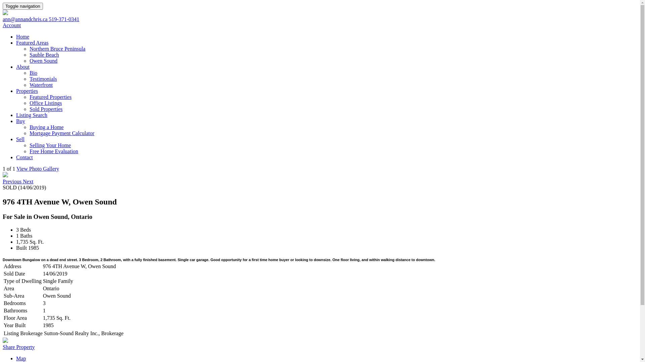 The height and width of the screenshot is (362, 645). Describe the element at coordinates (16, 121) in the screenshot. I see `'Buy'` at that location.